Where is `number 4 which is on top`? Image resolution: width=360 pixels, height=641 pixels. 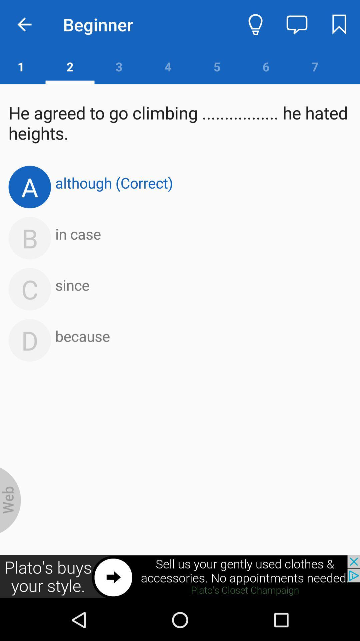 number 4 which is on top is located at coordinates (168, 66).